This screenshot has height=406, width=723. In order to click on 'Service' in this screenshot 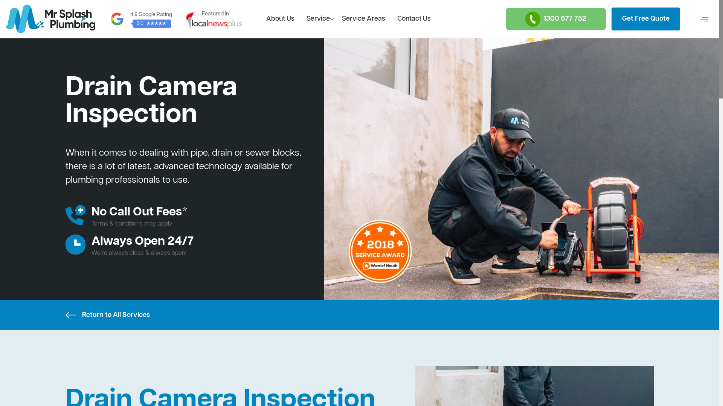, I will do `click(318, 18)`.